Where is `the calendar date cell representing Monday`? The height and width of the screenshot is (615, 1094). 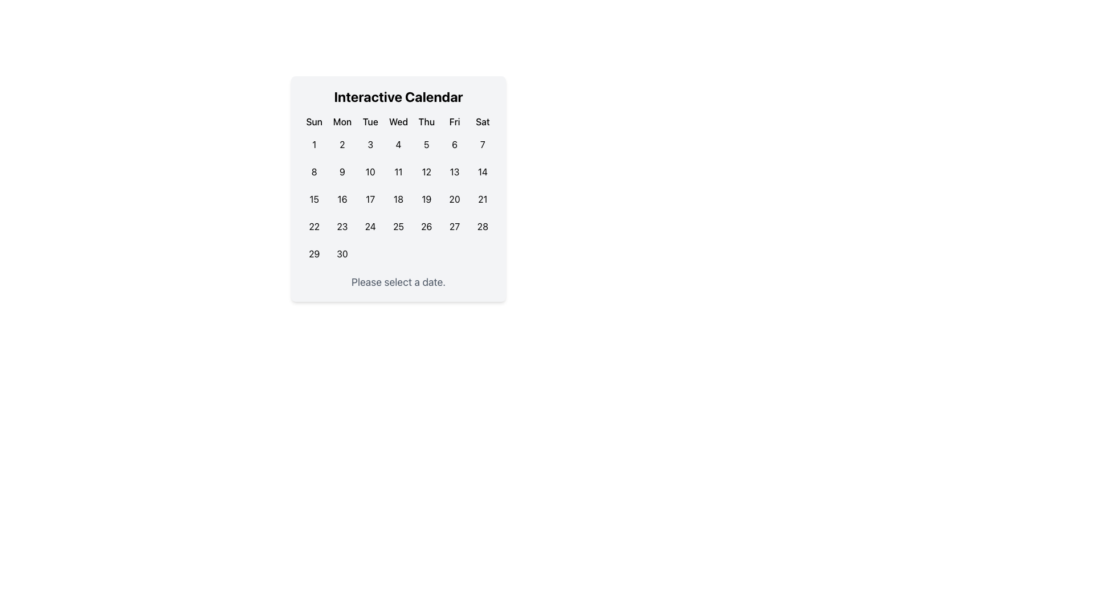
the calendar date cell representing Monday is located at coordinates (341, 199).